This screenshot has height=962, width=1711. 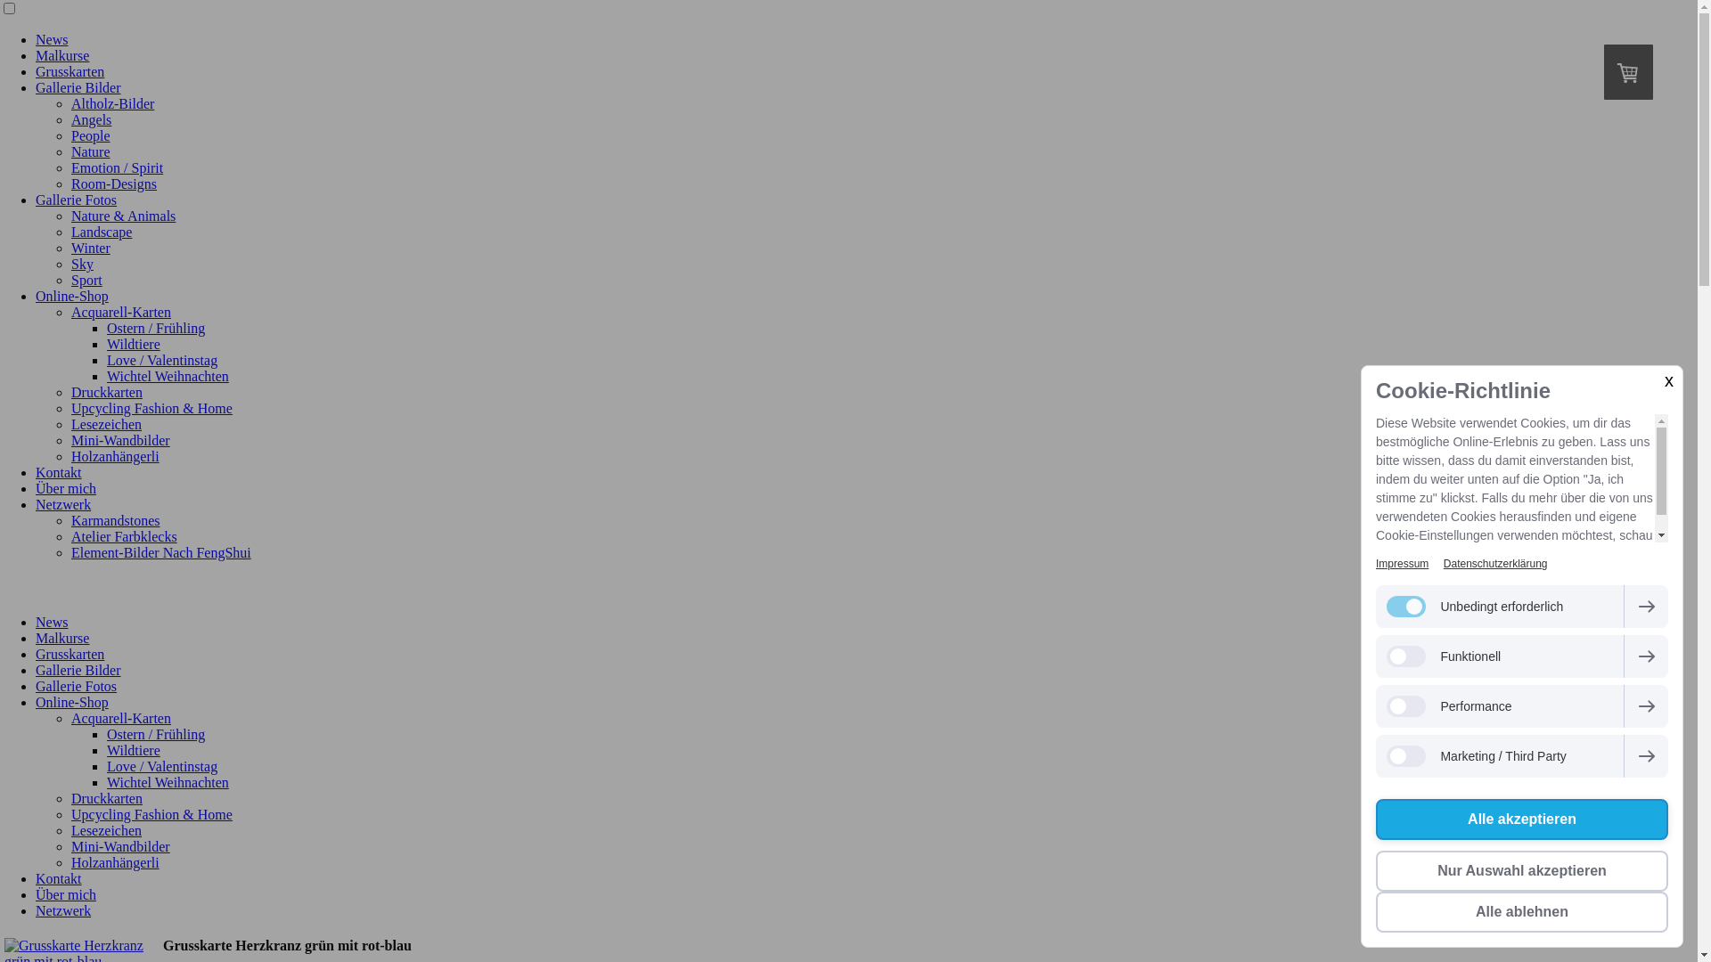 I want to click on 'People', so click(x=89, y=135).